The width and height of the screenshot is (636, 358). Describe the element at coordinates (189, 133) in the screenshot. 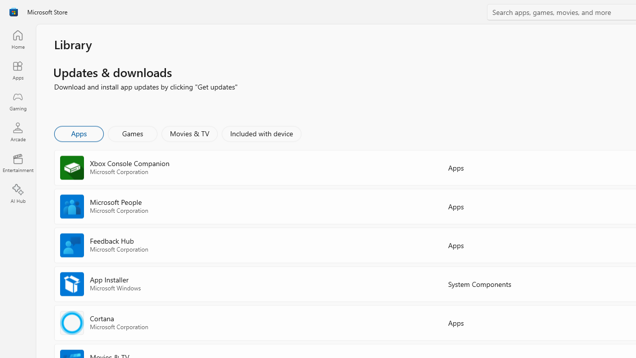

I see `'Movies & TV'` at that location.